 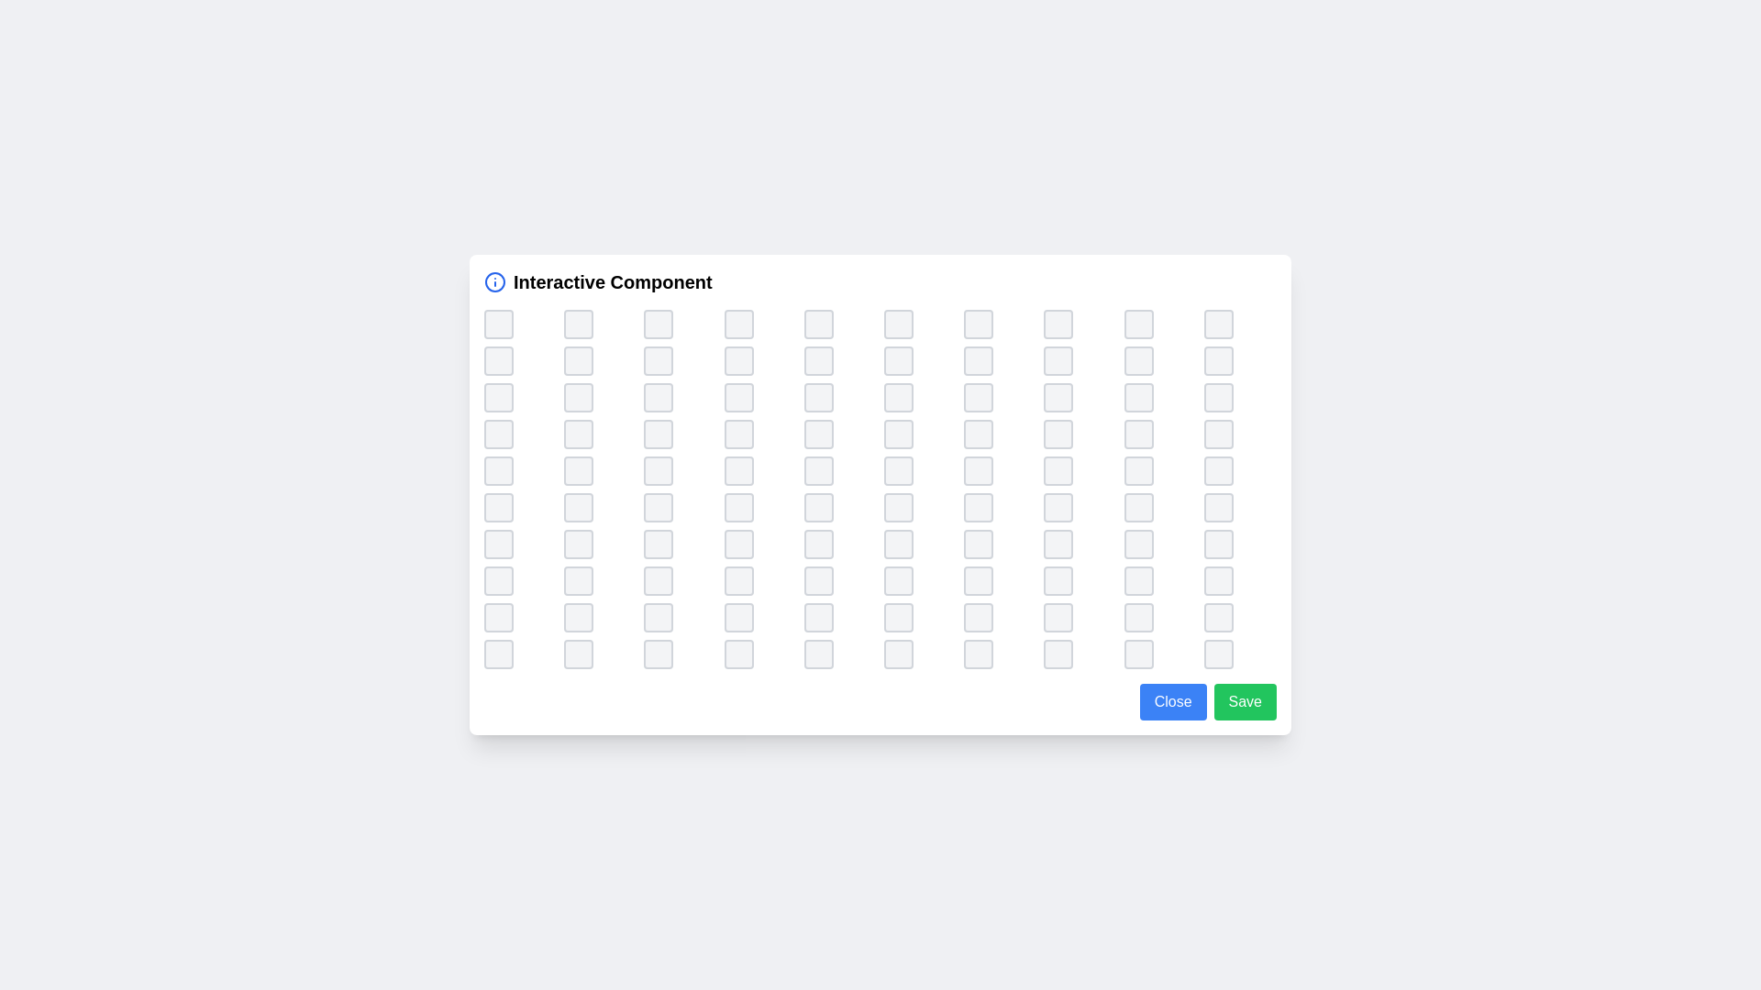 What do you see at coordinates (1171, 701) in the screenshot?
I see `the close button to close the component` at bounding box center [1171, 701].